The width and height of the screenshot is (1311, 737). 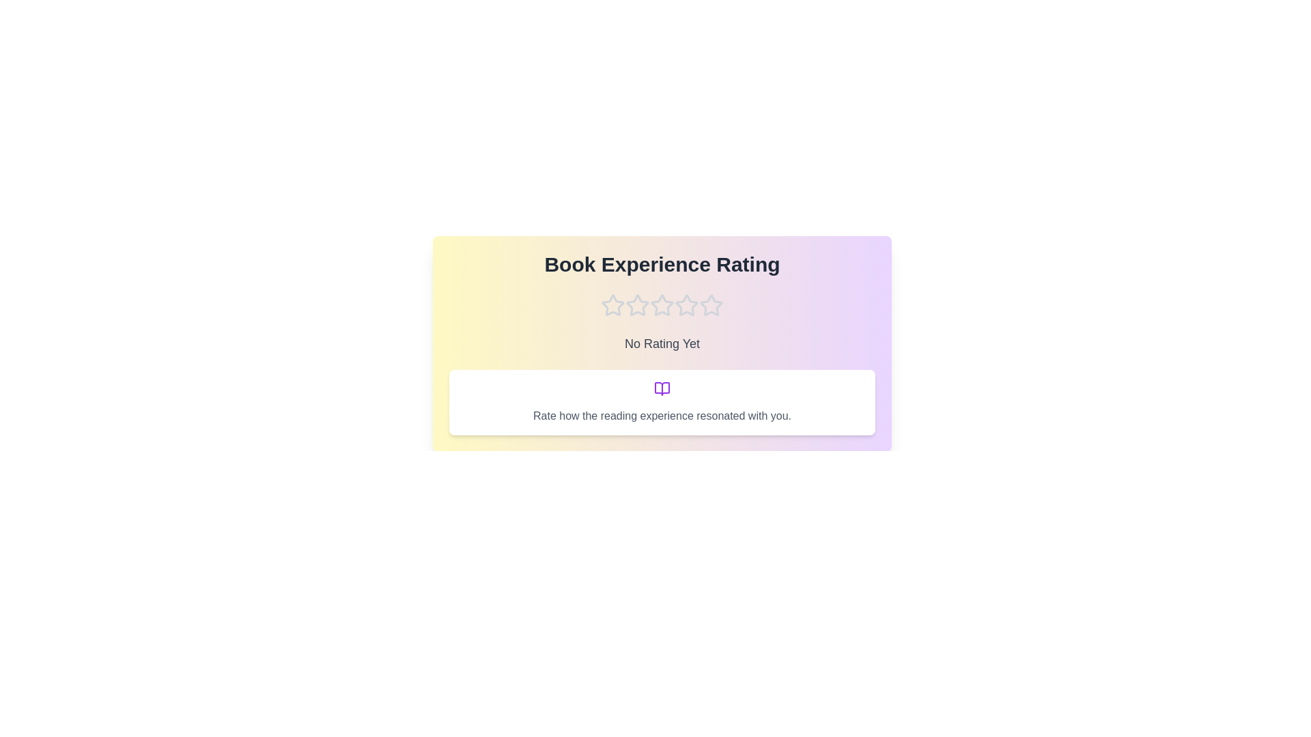 What do you see at coordinates (637, 304) in the screenshot?
I see `the star corresponding to the rating 2` at bounding box center [637, 304].